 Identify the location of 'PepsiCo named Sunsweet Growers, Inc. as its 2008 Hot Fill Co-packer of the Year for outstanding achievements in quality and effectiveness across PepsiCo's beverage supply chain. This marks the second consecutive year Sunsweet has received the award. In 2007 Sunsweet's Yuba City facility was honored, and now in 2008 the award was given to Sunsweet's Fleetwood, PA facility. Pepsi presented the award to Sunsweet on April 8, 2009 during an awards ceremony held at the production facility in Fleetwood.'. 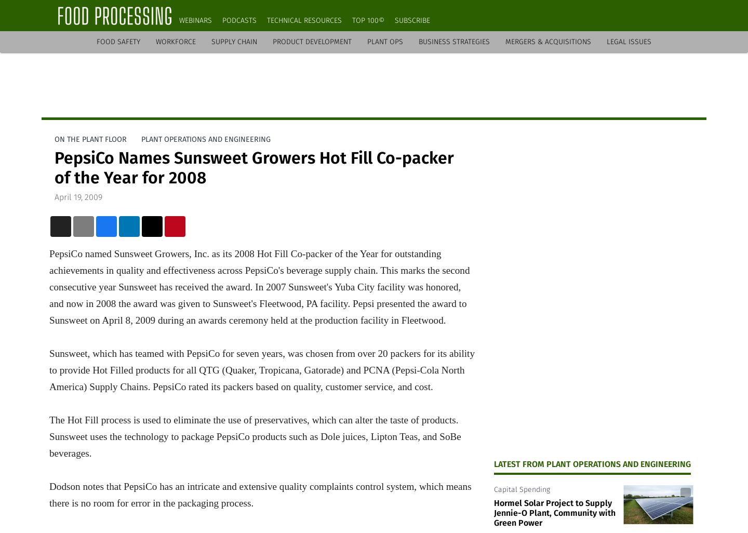
(259, 286).